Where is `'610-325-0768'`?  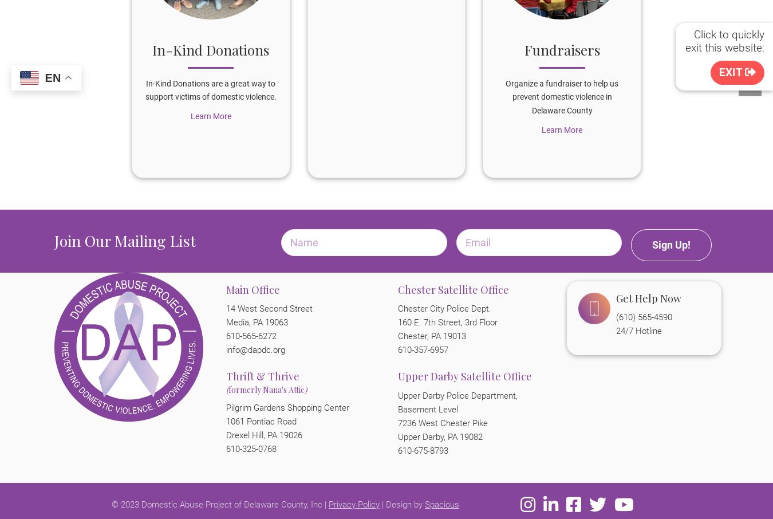
'610-325-0768' is located at coordinates (251, 449).